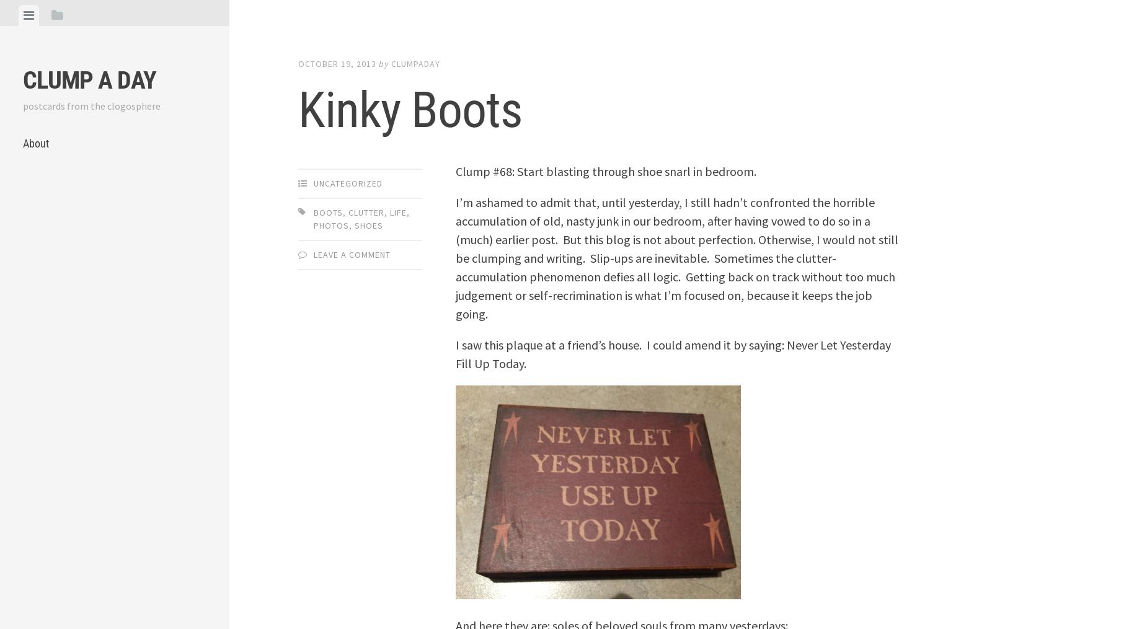 This screenshot has height=629, width=1147. I want to click on 'clumpaday', so click(391, 63).